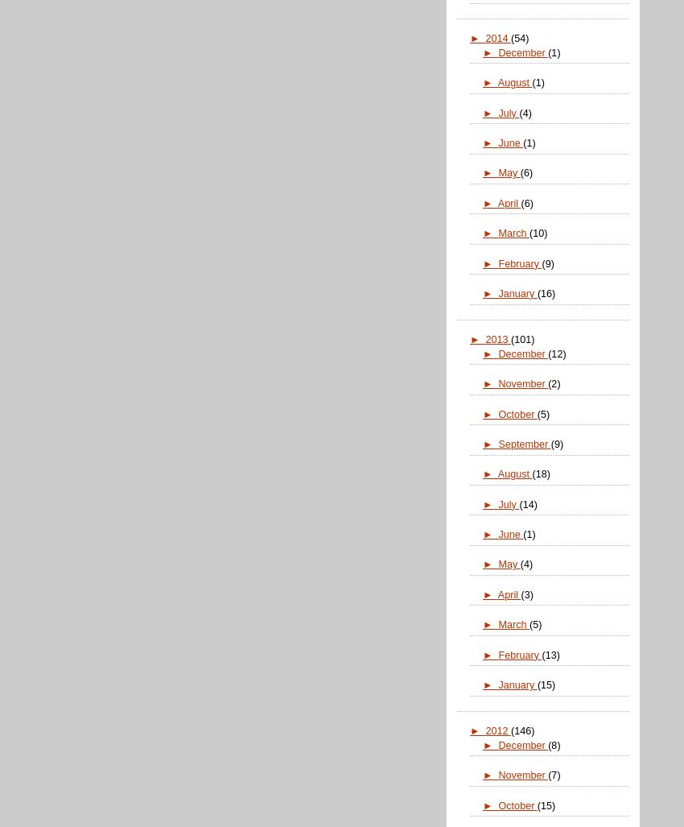 The width and height of the screenshot is (684, 827). What do you see at coordinates (529, 233) in the screenshot?
I see `'(10)'` at bounding box center [529, 233].